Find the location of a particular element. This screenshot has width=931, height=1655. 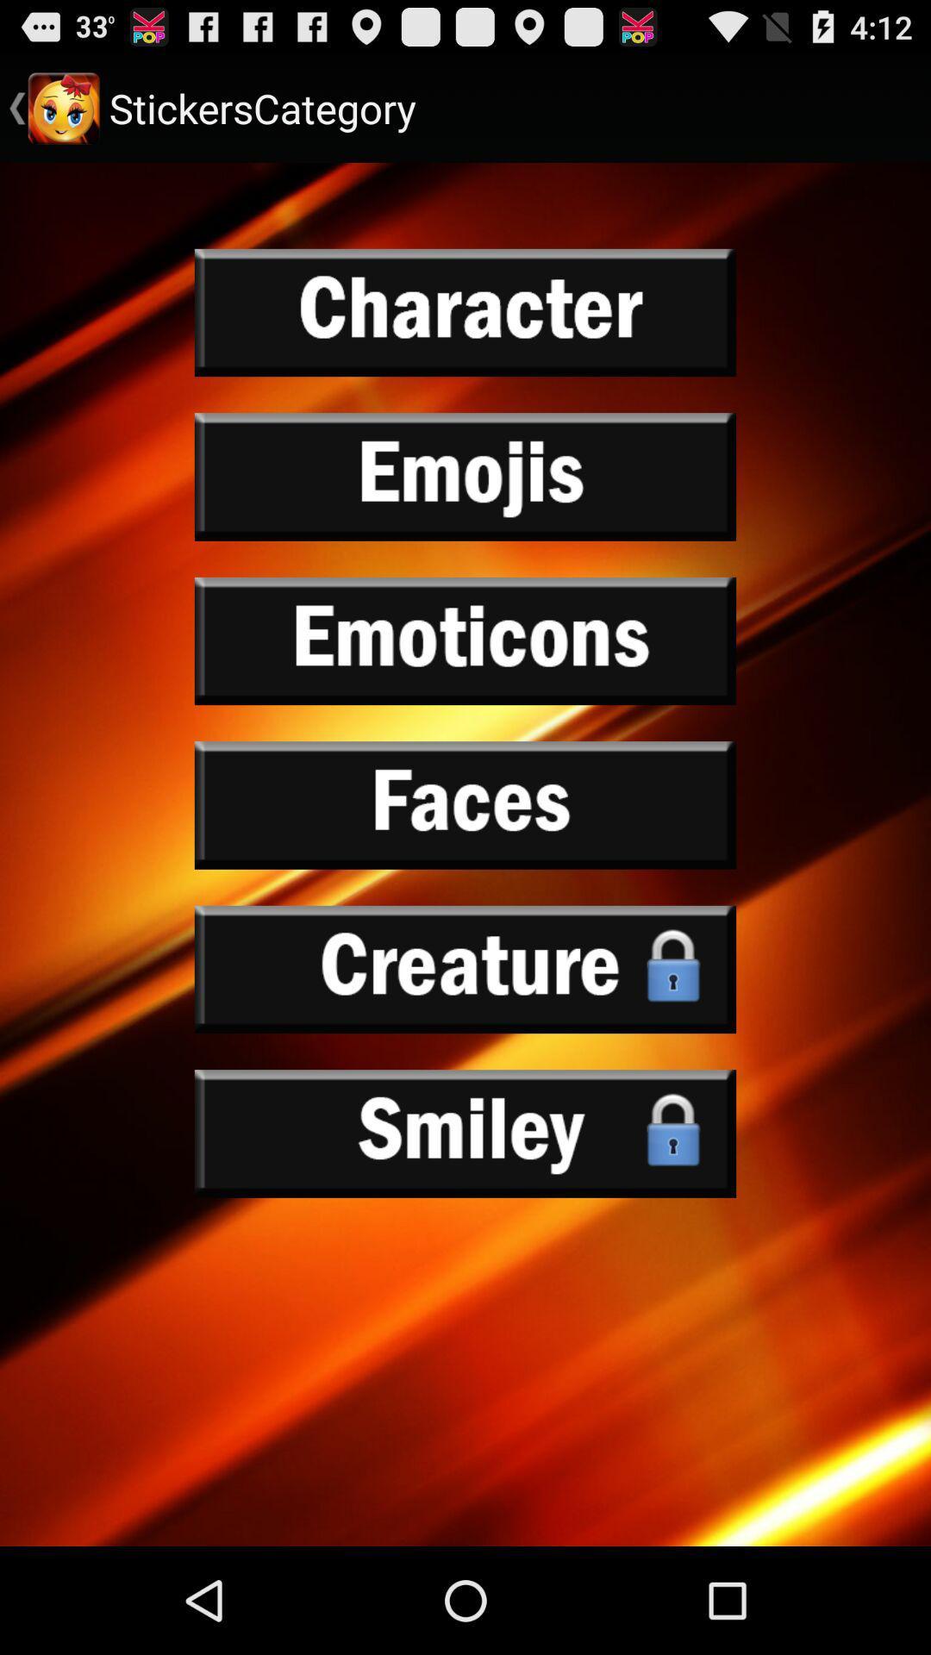

show available emojis is located at coordinates (465, 477).